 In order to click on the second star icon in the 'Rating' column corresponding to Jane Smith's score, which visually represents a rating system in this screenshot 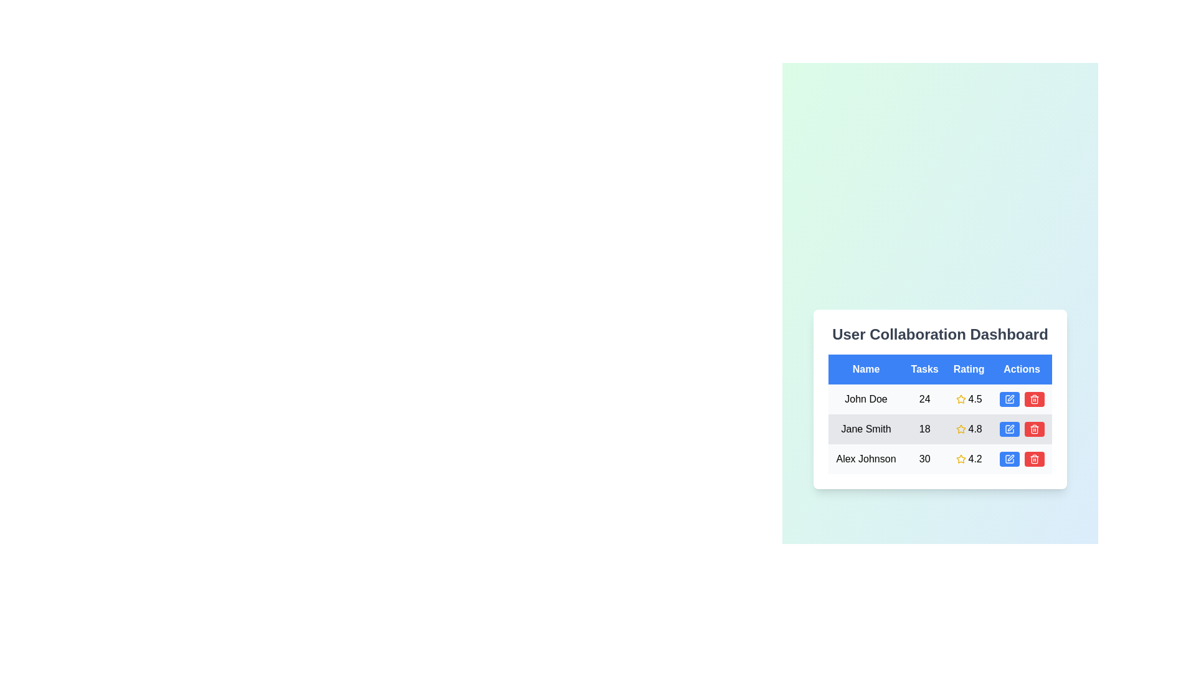, I will do `click(960, 428)`.